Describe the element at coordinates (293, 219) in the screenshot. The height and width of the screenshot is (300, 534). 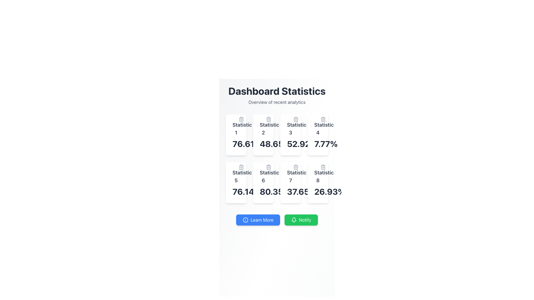
I see `the notification icon located within the green 'Notify' button at the bottom right corner of the layout` at that location.